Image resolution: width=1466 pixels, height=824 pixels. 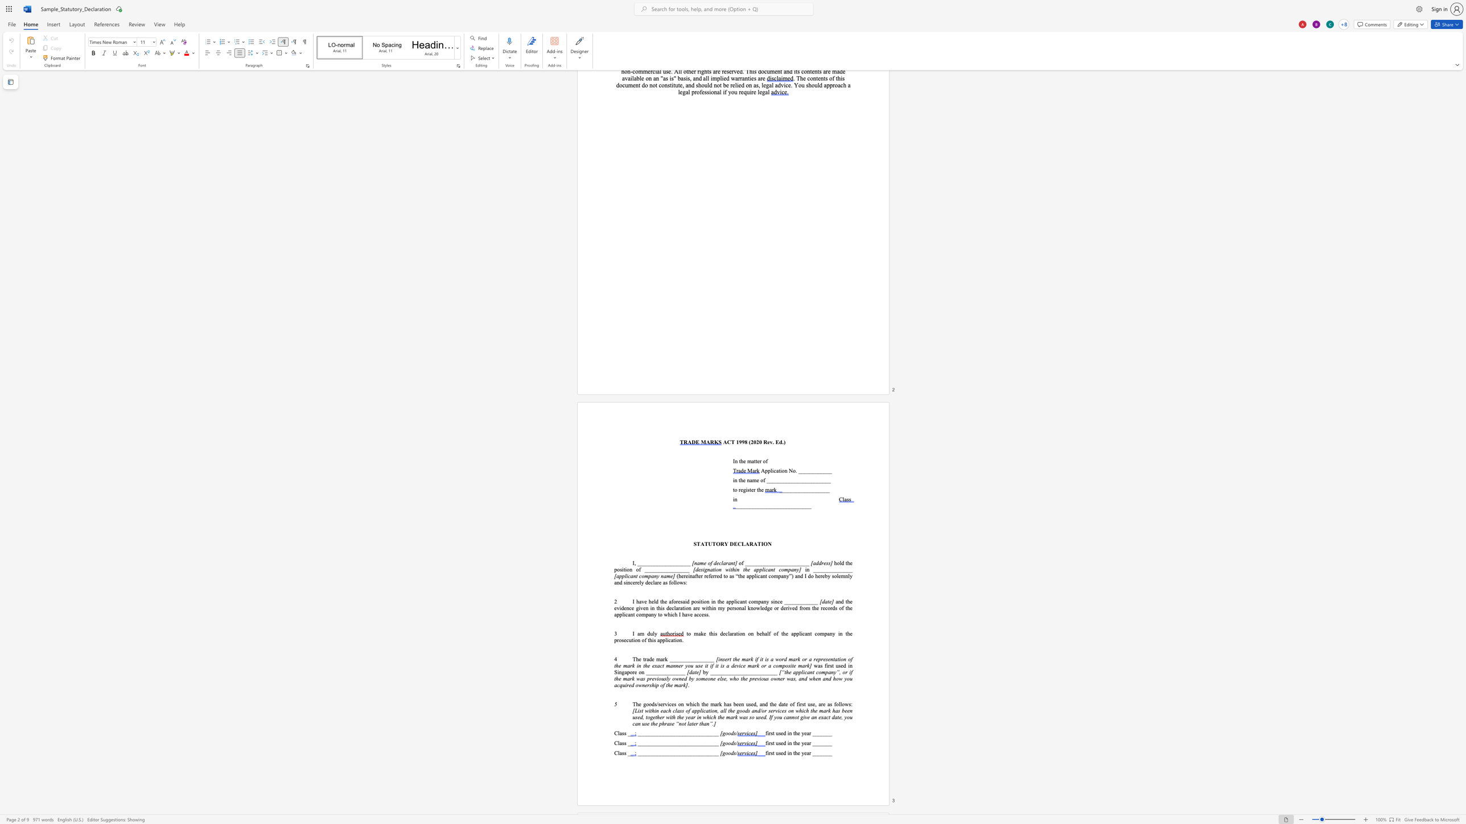 I want to click on the space between the continuous character "n" and "." in the text, so click(x=681, y=640).